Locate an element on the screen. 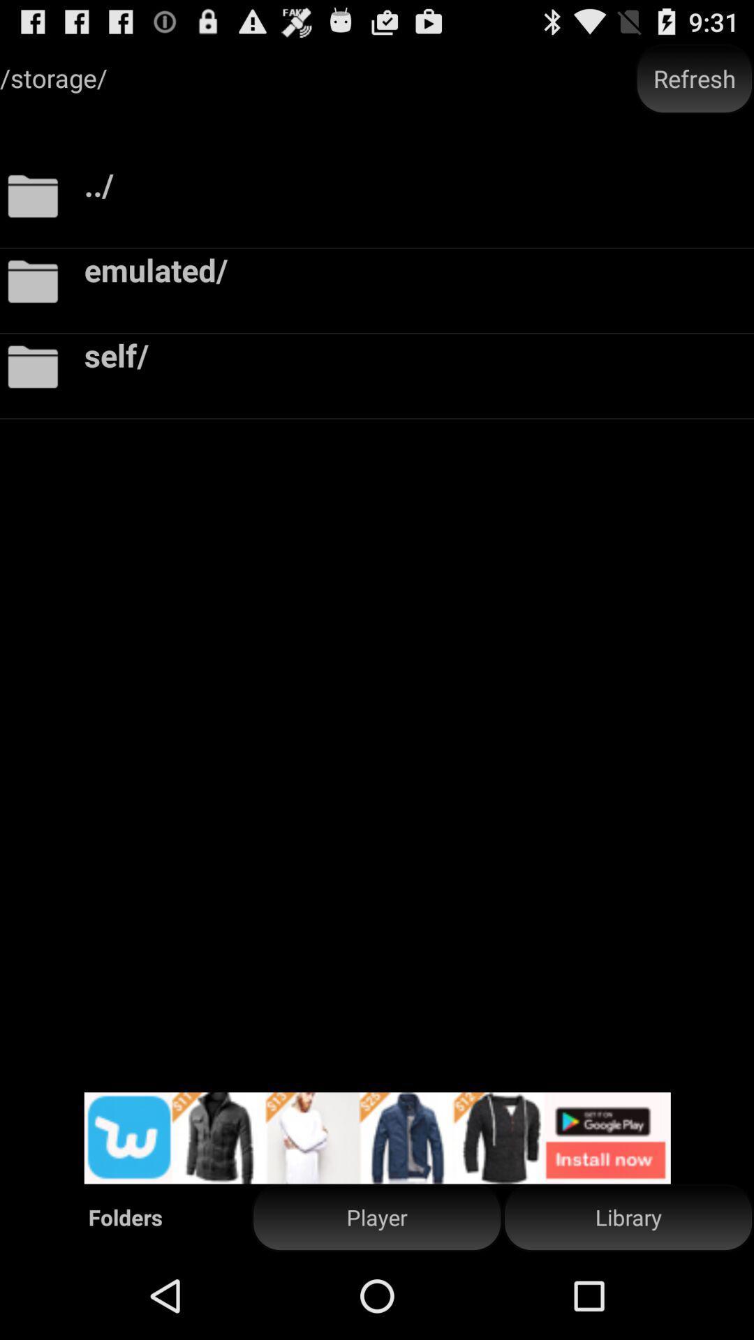 This screenshot has width=754, height=1340. advertisement is located at coordinates (377, 1138).